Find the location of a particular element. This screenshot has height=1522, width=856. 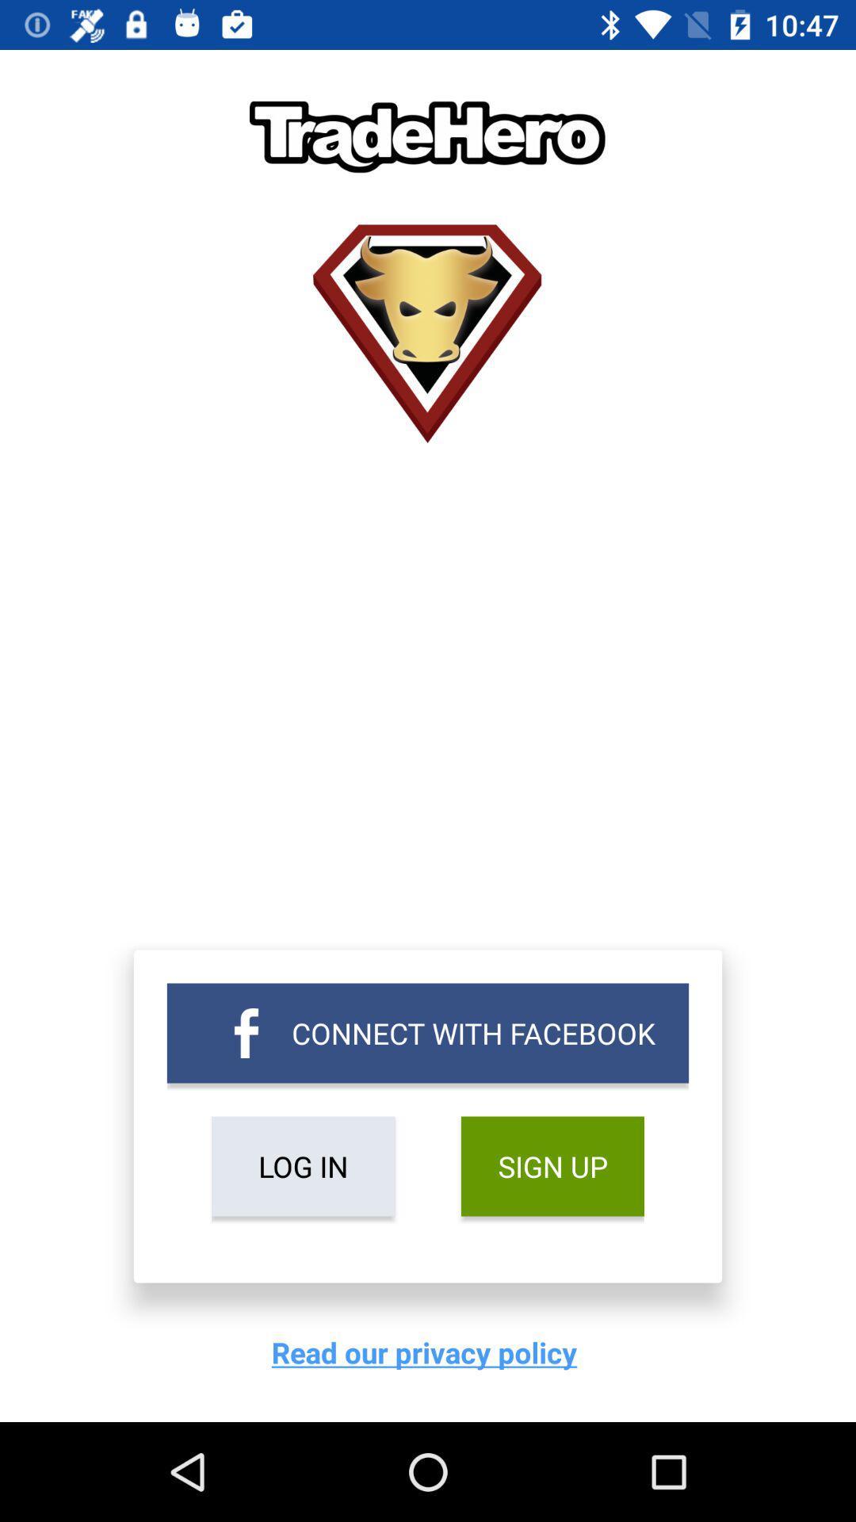

connect with facebook icon is located at coordinates (428, 1033).